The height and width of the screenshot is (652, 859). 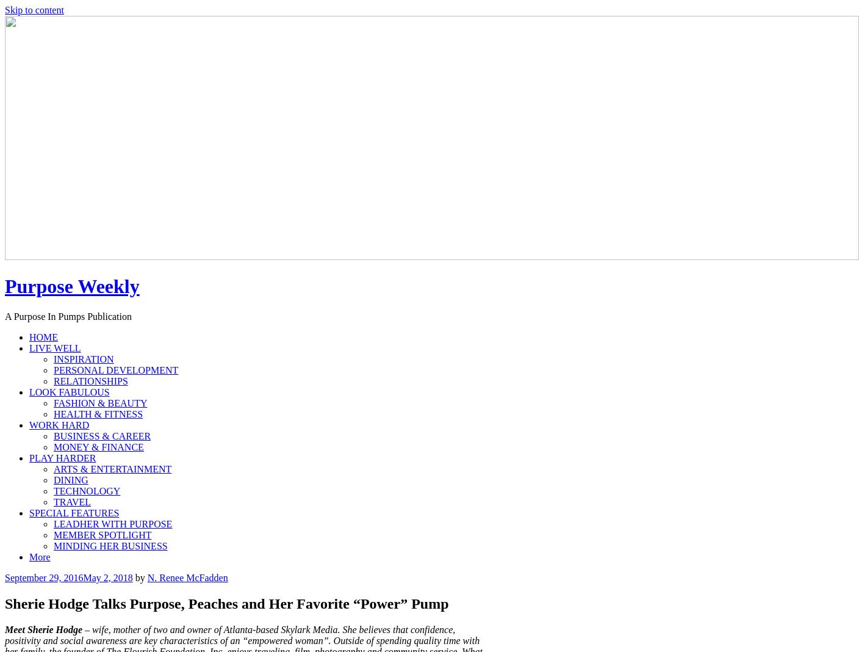 I want to click on 'LEADHER WITH PURPOSE', so click(x=112, y=523).